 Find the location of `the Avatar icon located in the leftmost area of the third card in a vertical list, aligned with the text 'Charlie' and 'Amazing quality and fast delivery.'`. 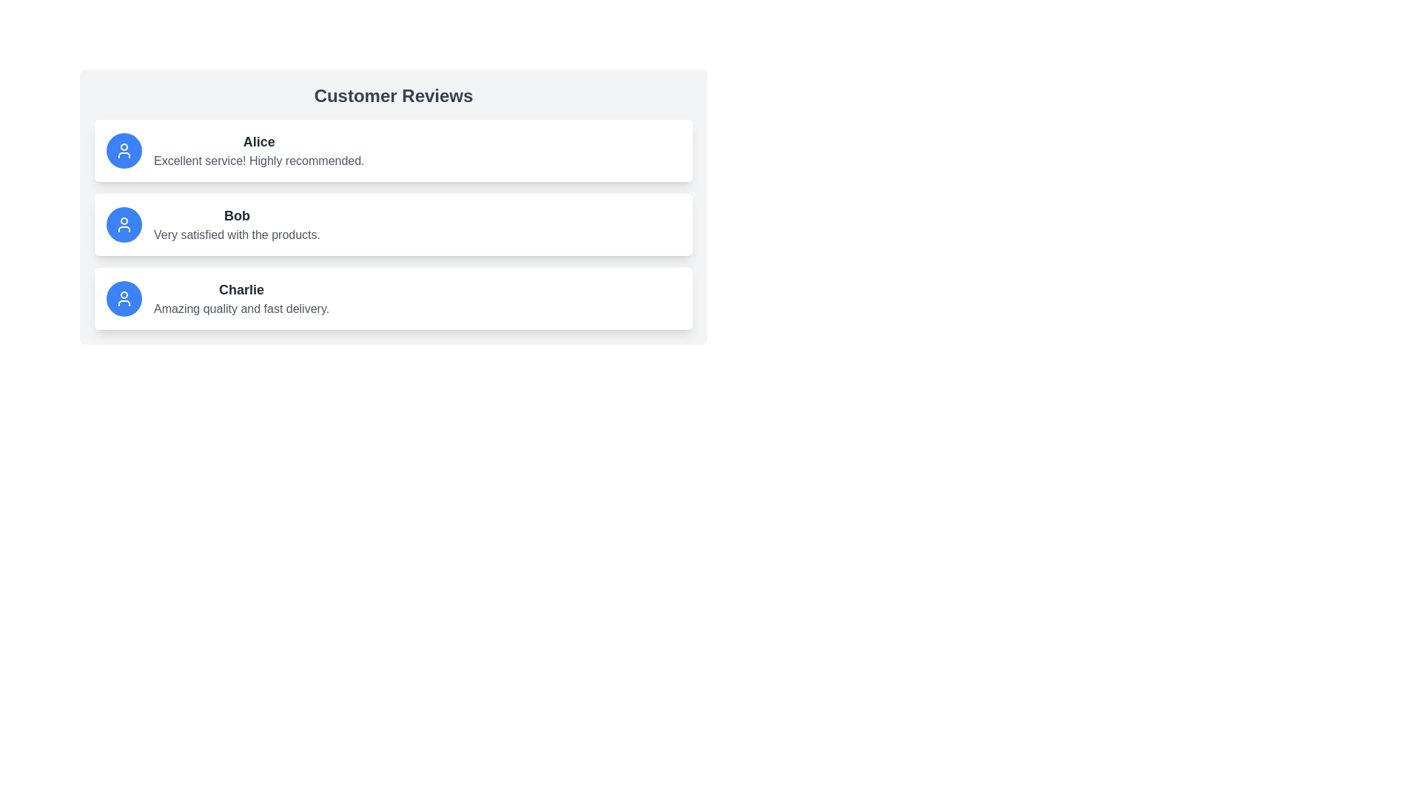

the Avatar icon located in the leftmost area of the third card in a vertical list, aligned with the text 'Charlie' and 'Amazing quality and fast delivery.' is located at coordinates (124, 299).